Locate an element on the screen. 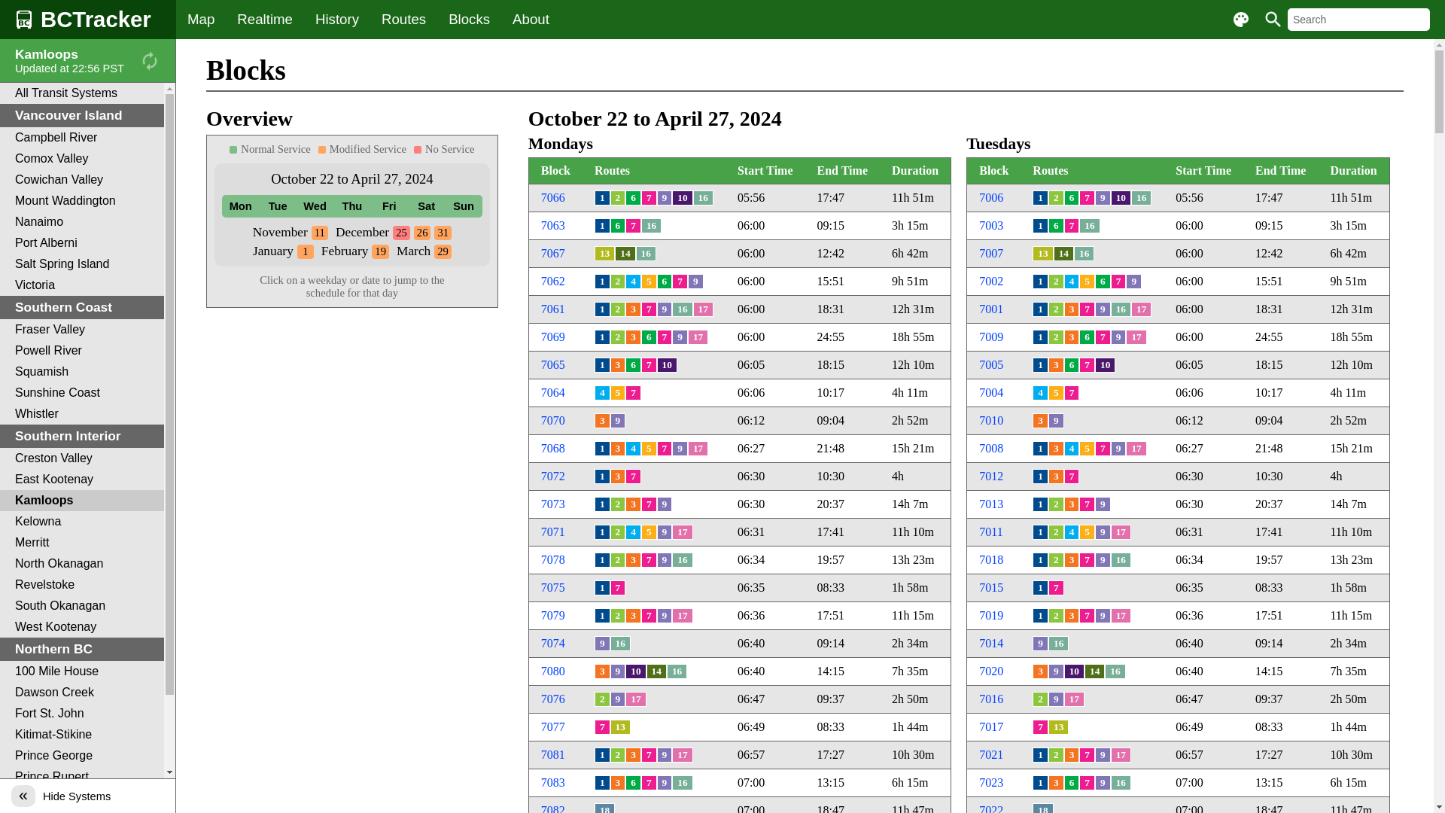  '3' is located at coordinates (625, 754).